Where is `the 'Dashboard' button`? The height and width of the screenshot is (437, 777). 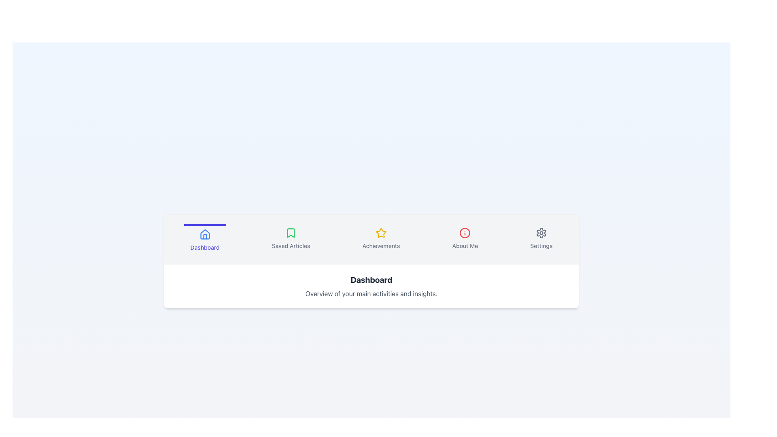
the 'Dashboard' button is located at coordinates (205, 239).